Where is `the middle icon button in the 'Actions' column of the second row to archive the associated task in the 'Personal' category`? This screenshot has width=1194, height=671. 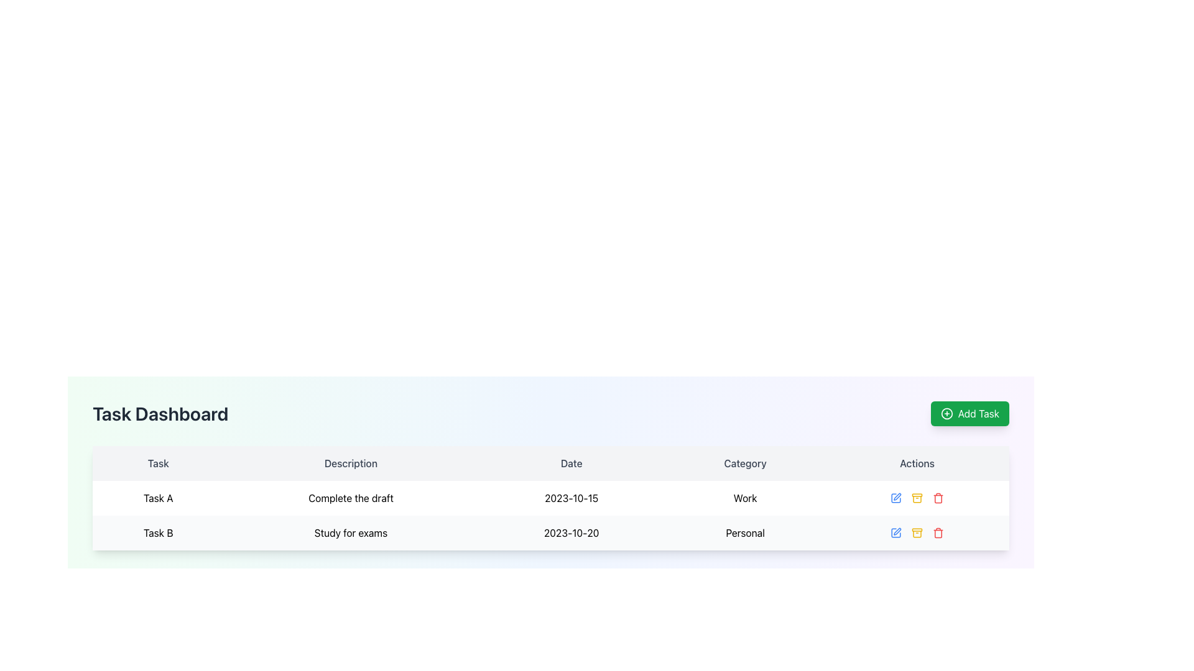
the middle icon button in the 'Actions' column of the second row to archive the associated task in the 'Personal' category is located at coordinates (917, 532).